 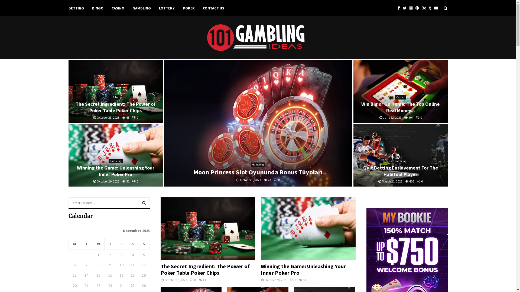 What do you see at coordinates (412, 8) in the screenshot?
I see `'Instagram'` at bounding box center [412, 8].